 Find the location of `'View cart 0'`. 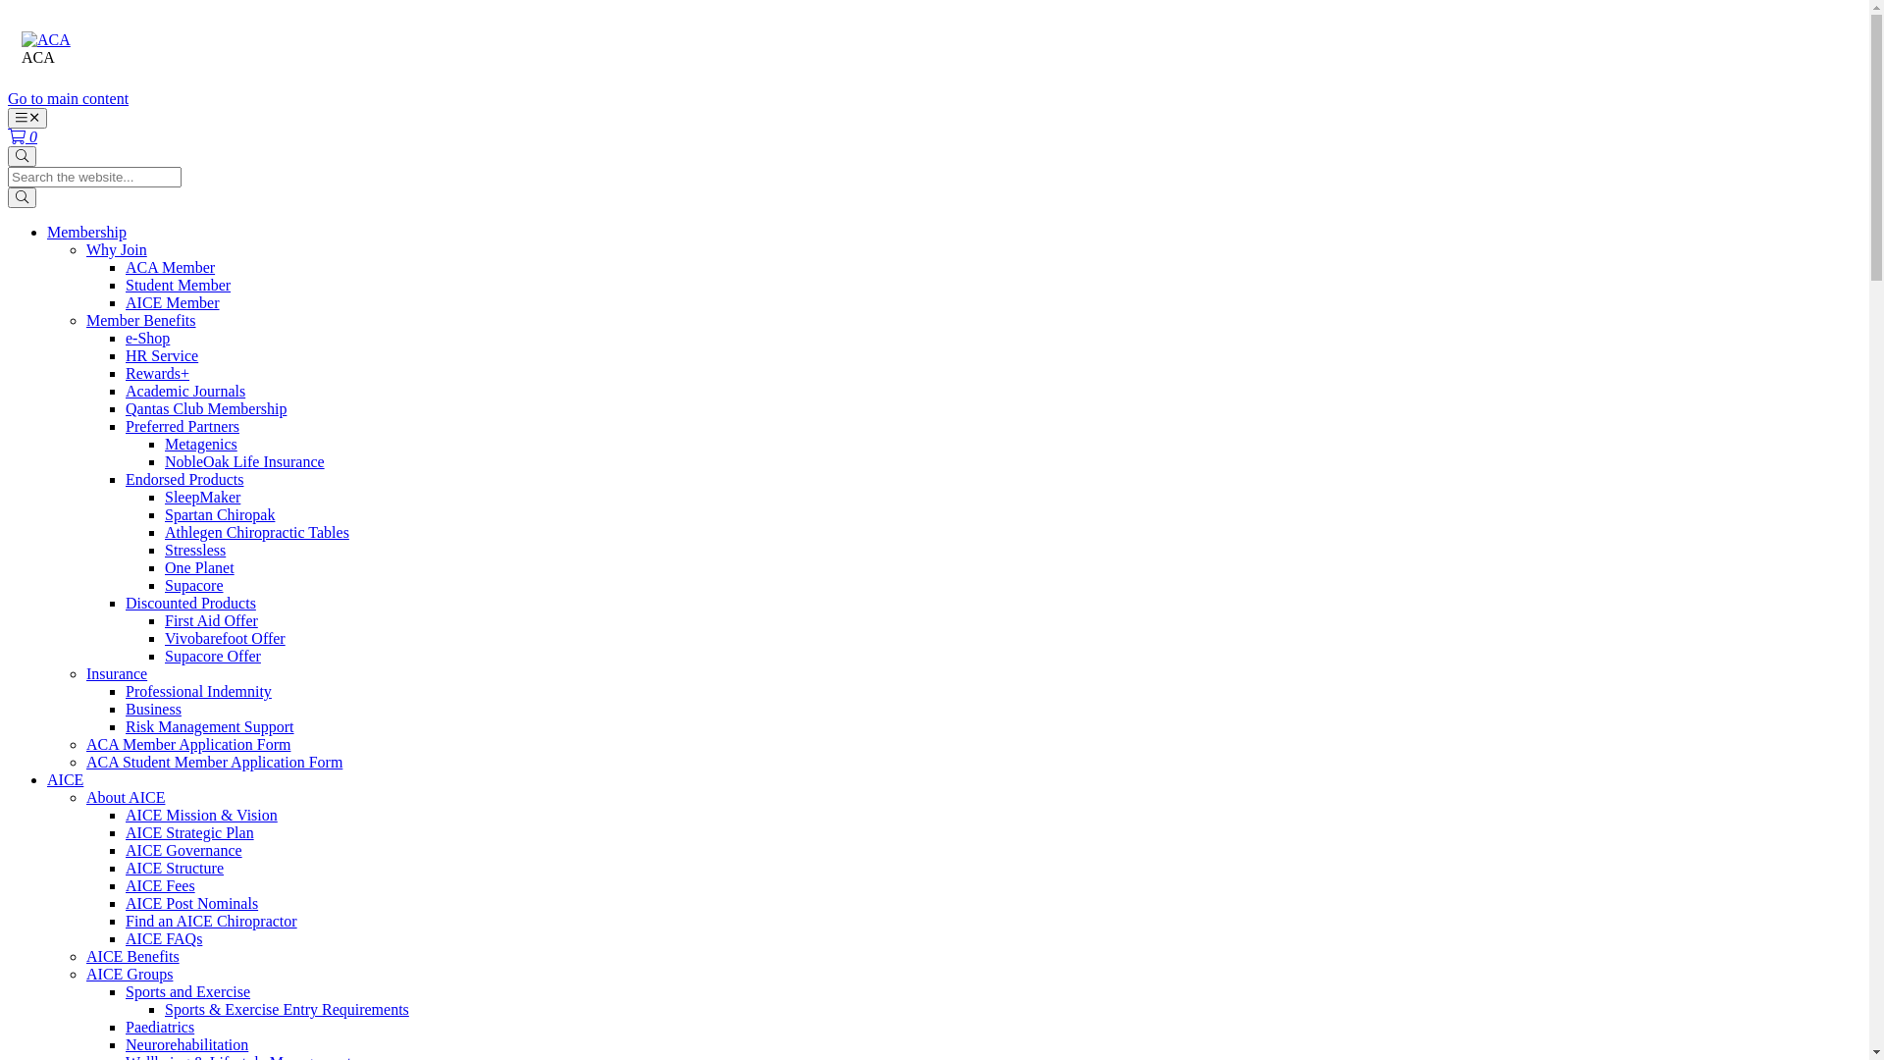

'View cart 0' is located at coordinates (23, 135).